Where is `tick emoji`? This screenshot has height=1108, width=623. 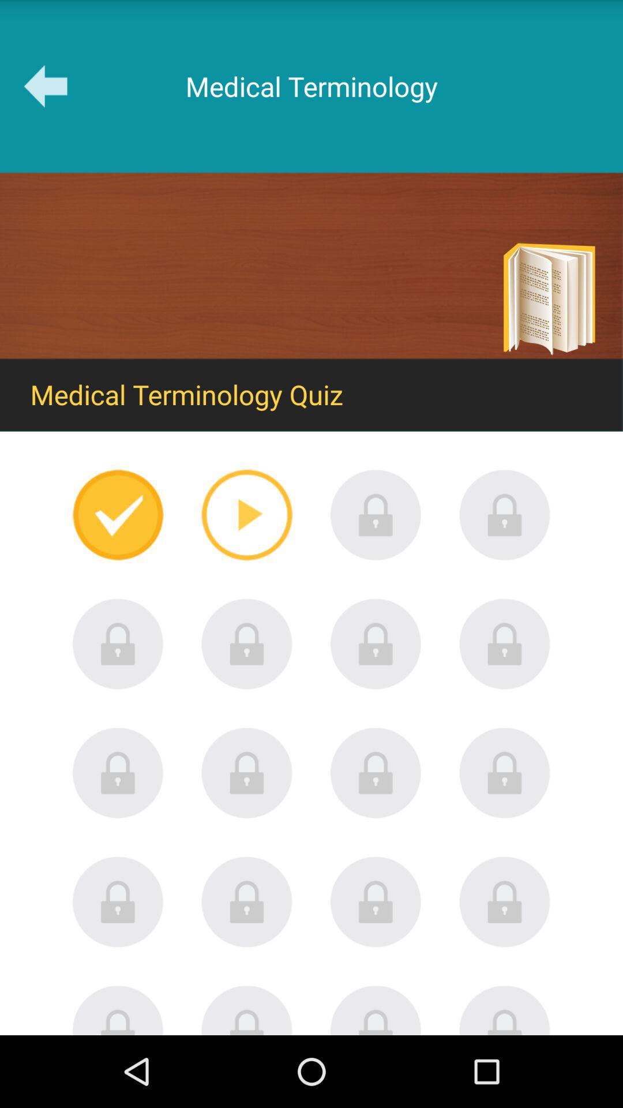 tick emoji is located at coordinates (118, 514).